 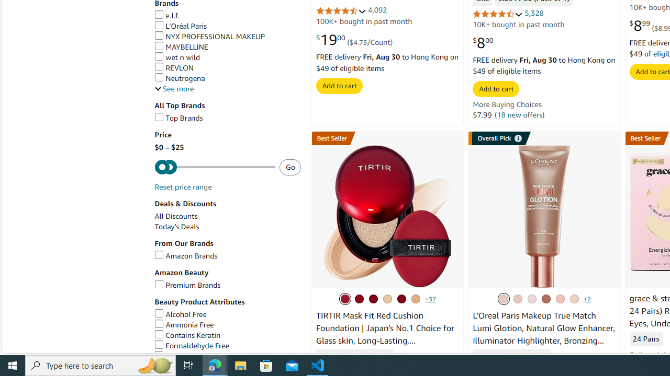 What do you see at coordinates (497, 14) in the screenshot?
I see `'4.6 out of 5 stars'` at bounding box center [497, 14].